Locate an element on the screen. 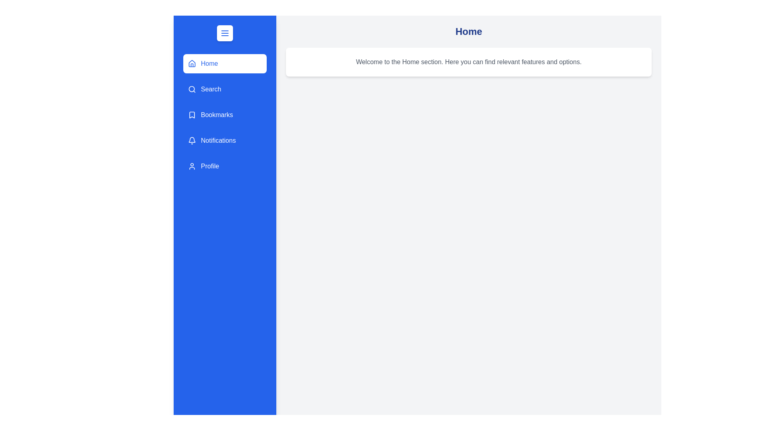 The image size is (770, 433). the menu item Search to see the hover effect is located at coordinates (225, 89).